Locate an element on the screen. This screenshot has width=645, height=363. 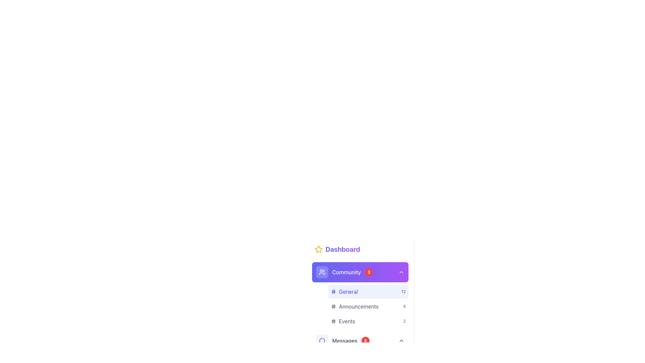
the messaging icon located in the light gray rounded square just to the left of the text 'Messages' is located at coordinates (322, 341).